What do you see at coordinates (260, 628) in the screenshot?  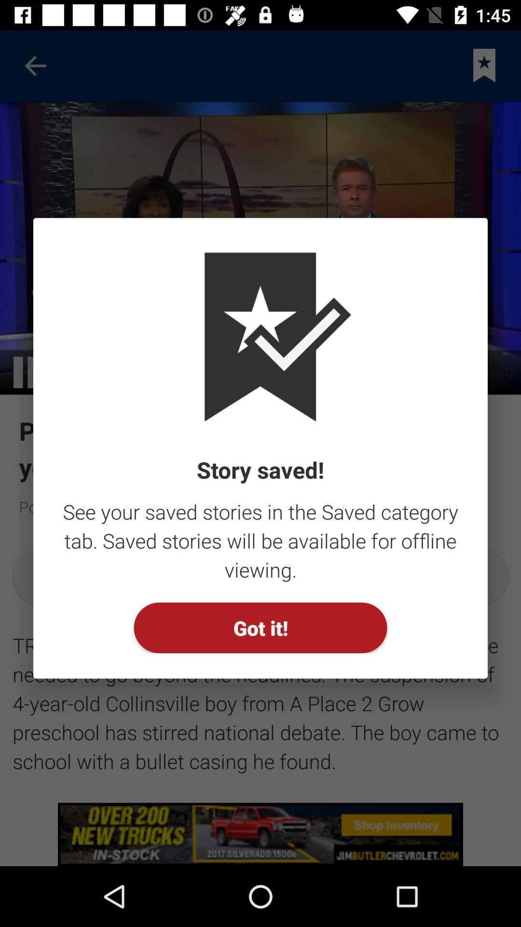 I see `the got it! item` at bounding box center [260, 628].